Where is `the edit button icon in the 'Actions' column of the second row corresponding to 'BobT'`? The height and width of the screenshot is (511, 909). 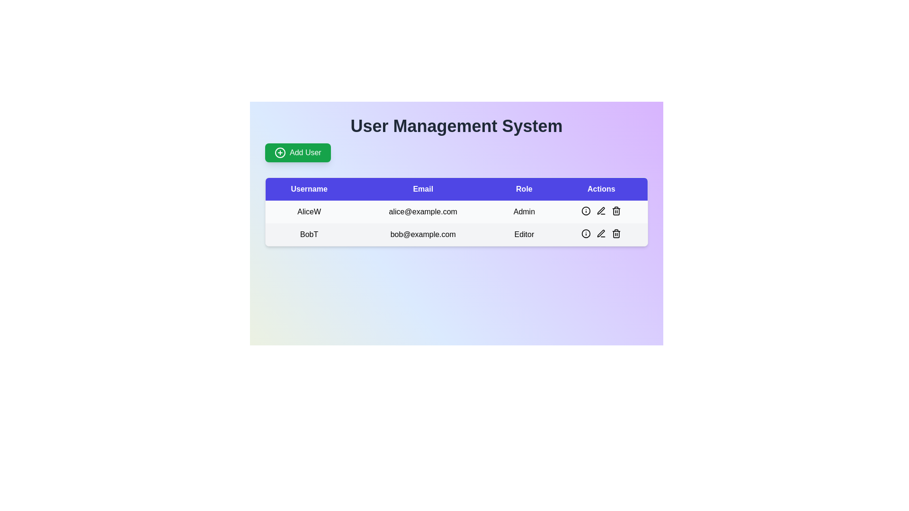 the edit button icon in the 'Actions' column of the second row corresponding to 'BobT' is located at coordinates (601, 211).